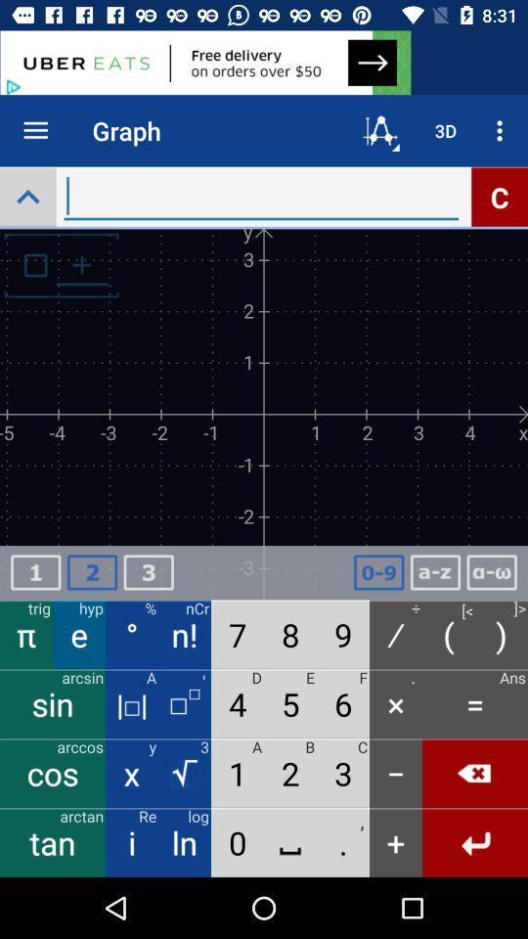 The height and width of the screenshot is (939, 528). I want to click on expand menu, so click(26, 197).